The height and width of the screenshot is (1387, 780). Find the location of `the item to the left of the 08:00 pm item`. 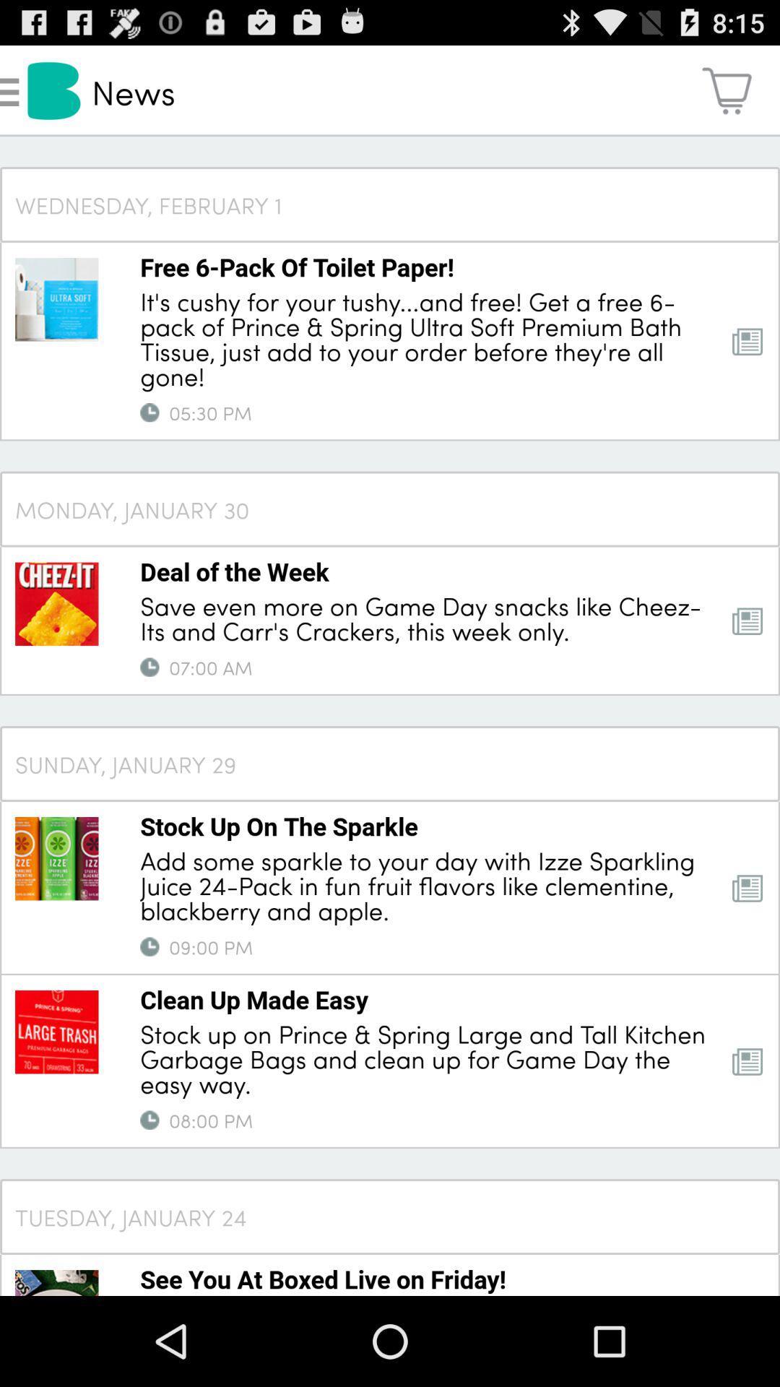

the item to the left of the 08:00 pm item is located at coordinates (149, 1119).